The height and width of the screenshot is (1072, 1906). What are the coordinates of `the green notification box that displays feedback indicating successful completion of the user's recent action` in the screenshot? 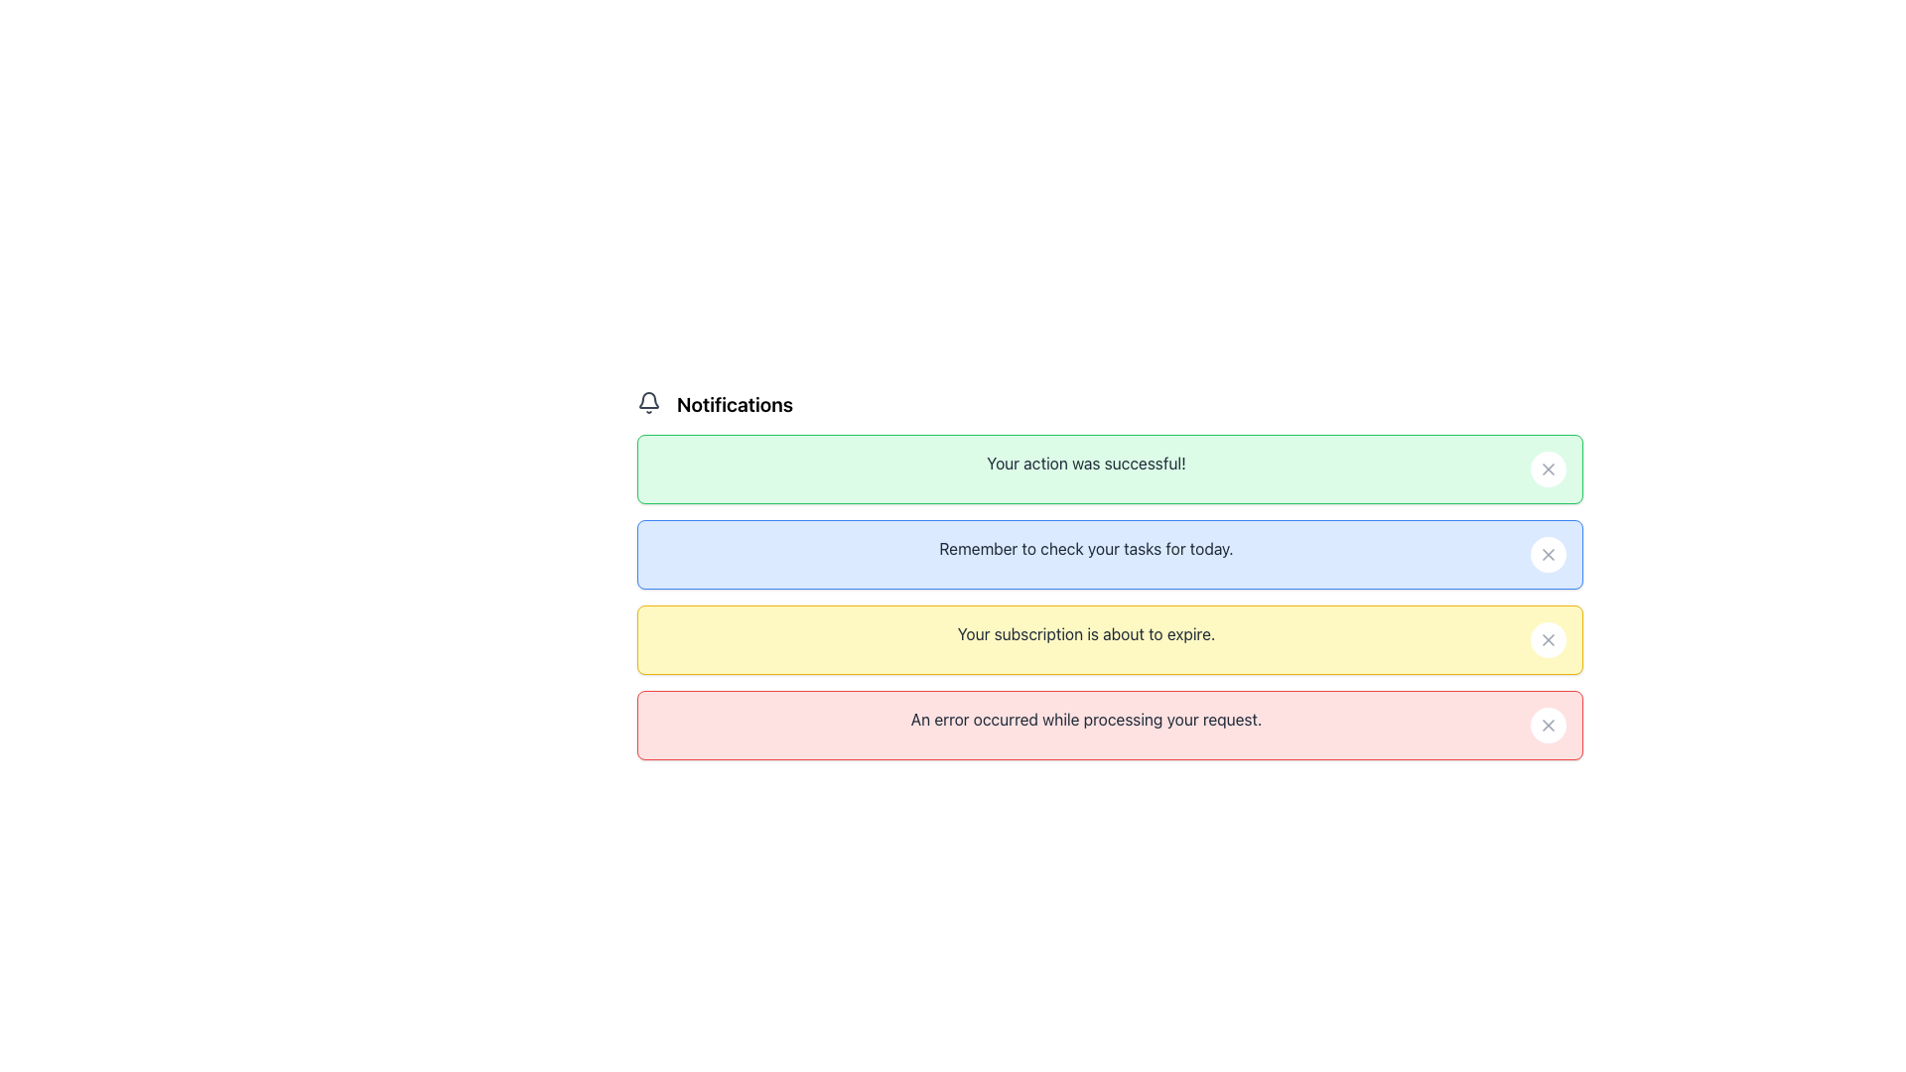 It's located at (1085, 463).